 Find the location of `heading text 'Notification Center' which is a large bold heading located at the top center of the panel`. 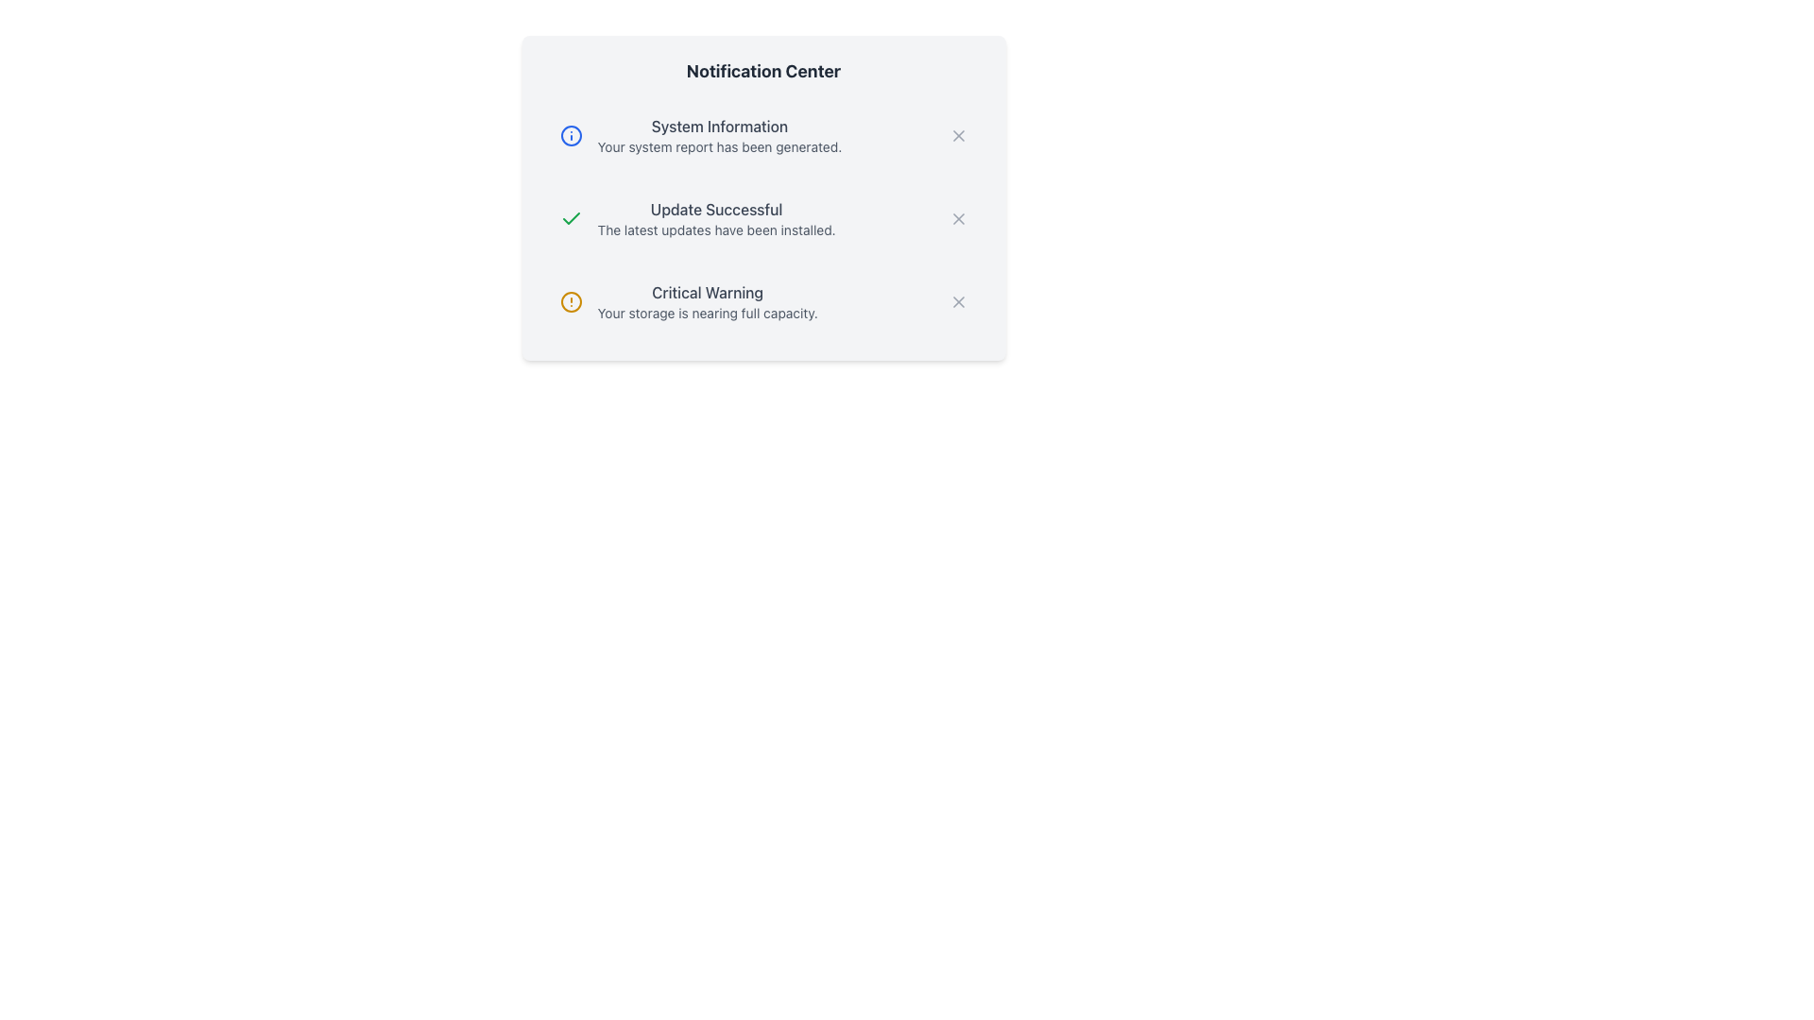

heading text 'Notification Center' which is a large bold heading located at the top center of the panel is located at coordinates (763, 71).